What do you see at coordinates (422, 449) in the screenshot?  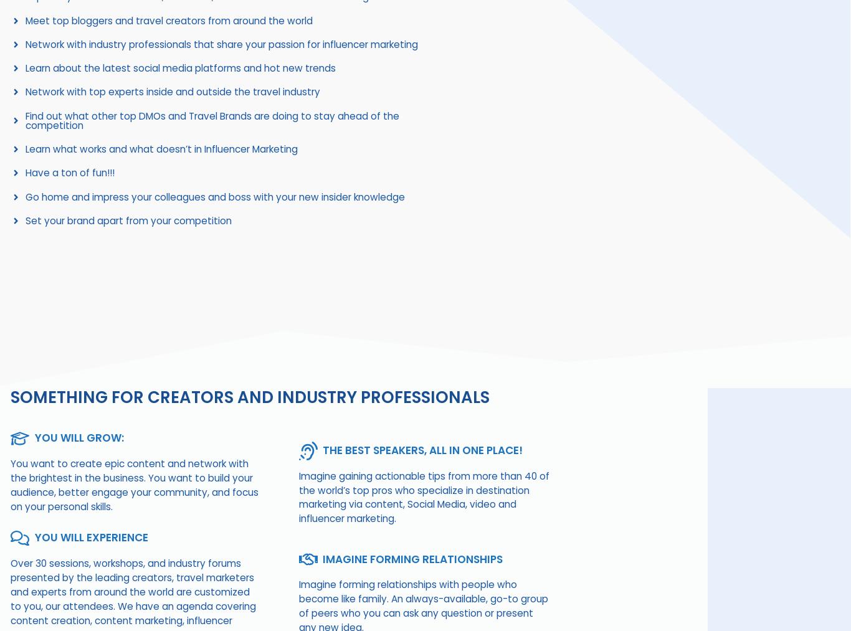 I see `'The best speakers, all in one place!'` at bounding box center [422, 449].